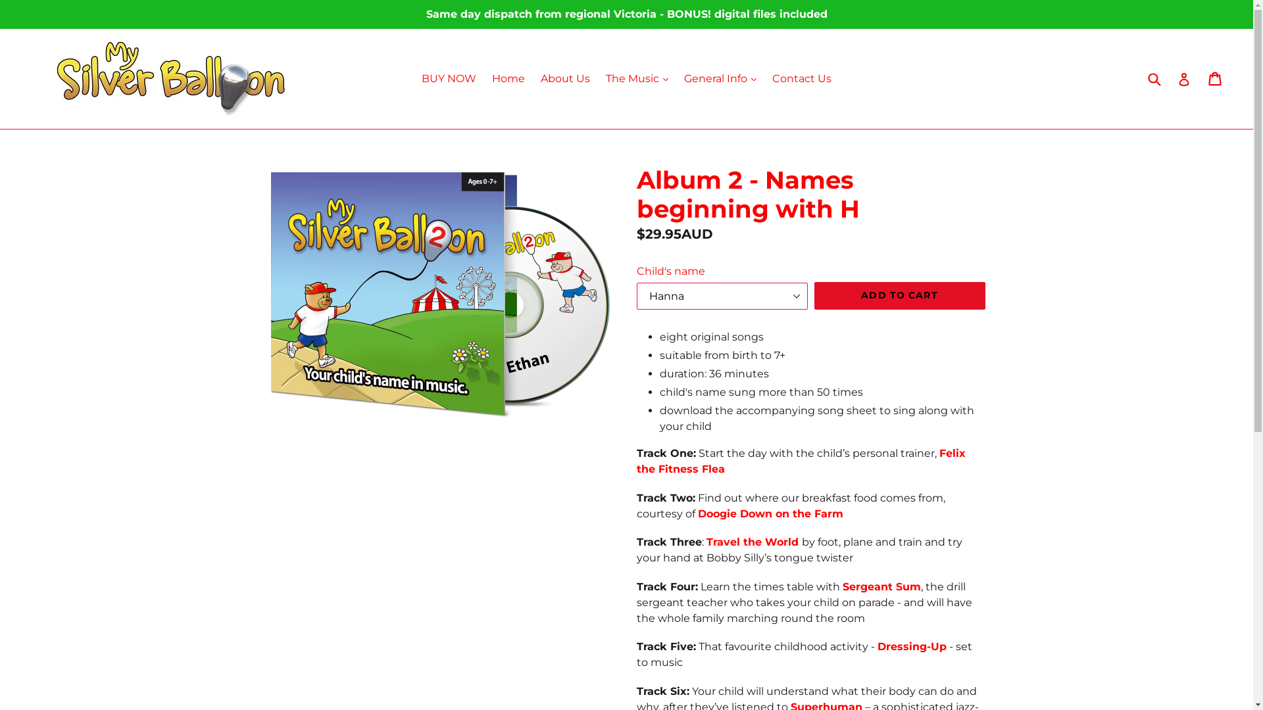 This screenshot has height=710, width=1263. I want to click on 'About Us', so click(565, 78).